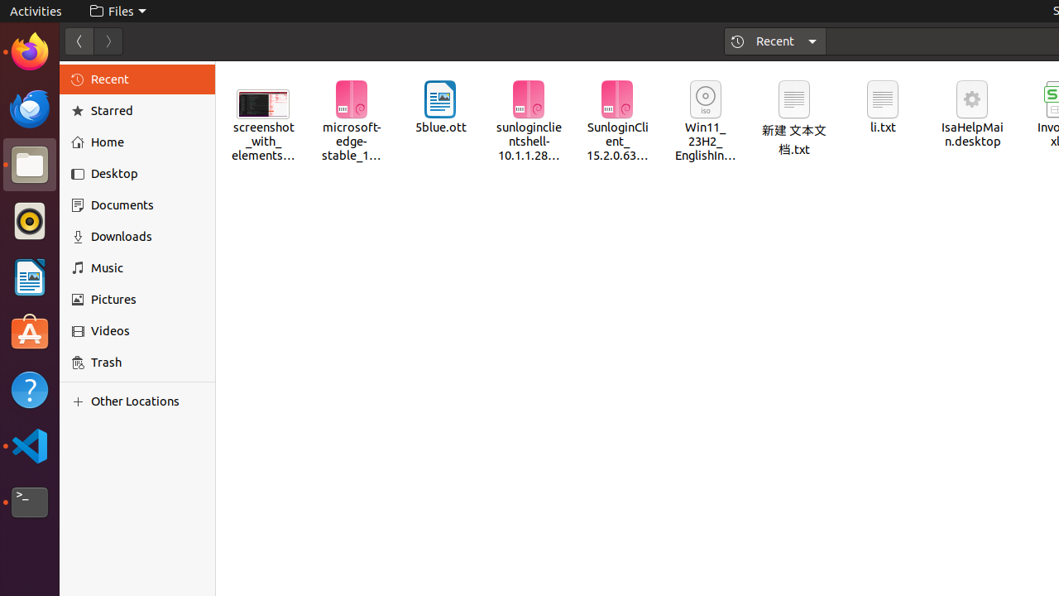  What do you see at coordinates (147, 300) in the screenshot?
I see `'Pictures'` at bounding box center [147, 300].